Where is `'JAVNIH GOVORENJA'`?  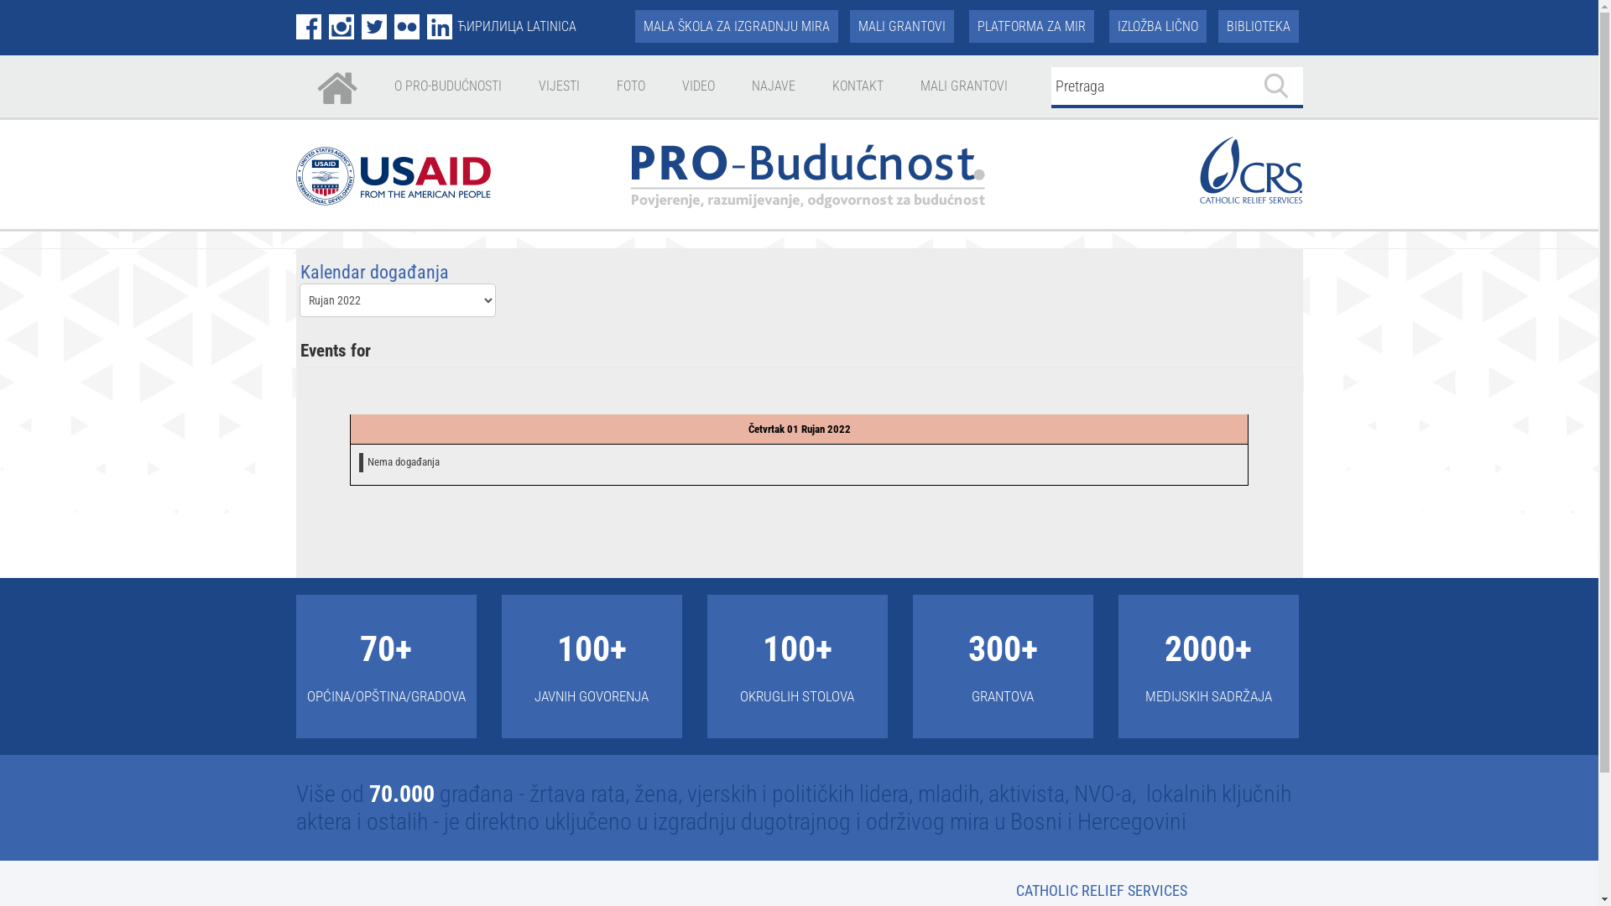 'JAVNIH GOVORENJA' is located at coordinates (592, 695).